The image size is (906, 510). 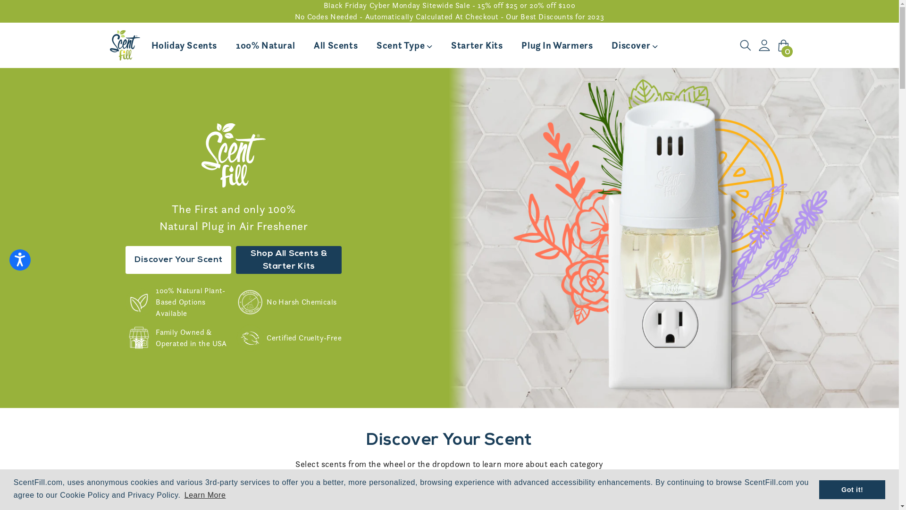 What do you see at coordinates (265, 45) in the screenshot?
I see `'100% Natural'` at bounding box center [265, 45].